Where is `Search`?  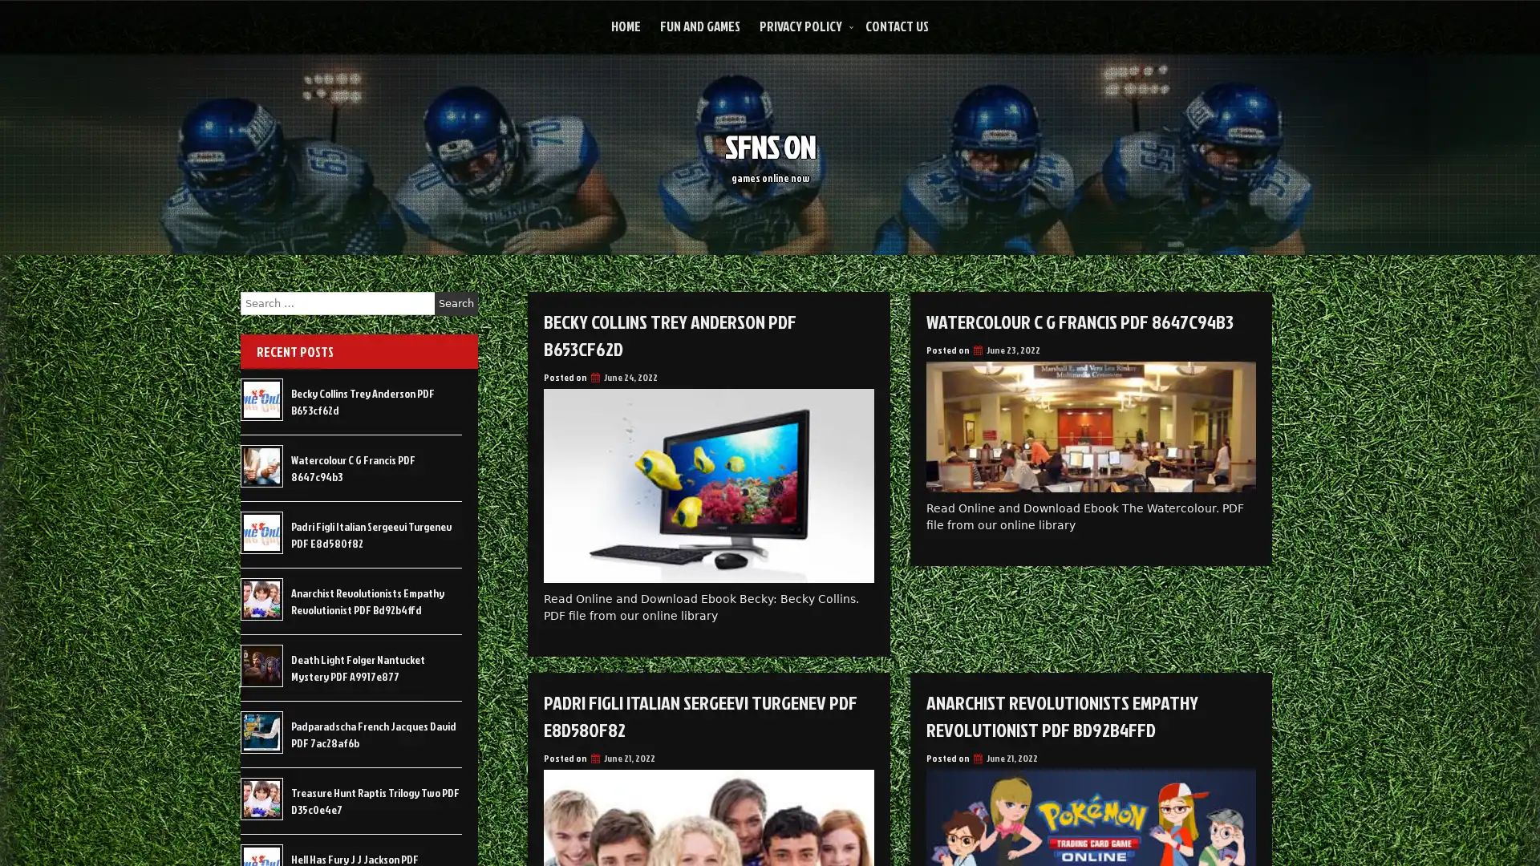
Search is located at coordinates (456, 303).